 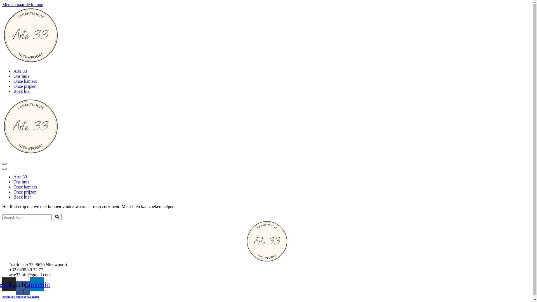 What do you see at coordinates (22, 91) in the screenshot?
I see `'Boek hier'` at bounding box center [22, 91].